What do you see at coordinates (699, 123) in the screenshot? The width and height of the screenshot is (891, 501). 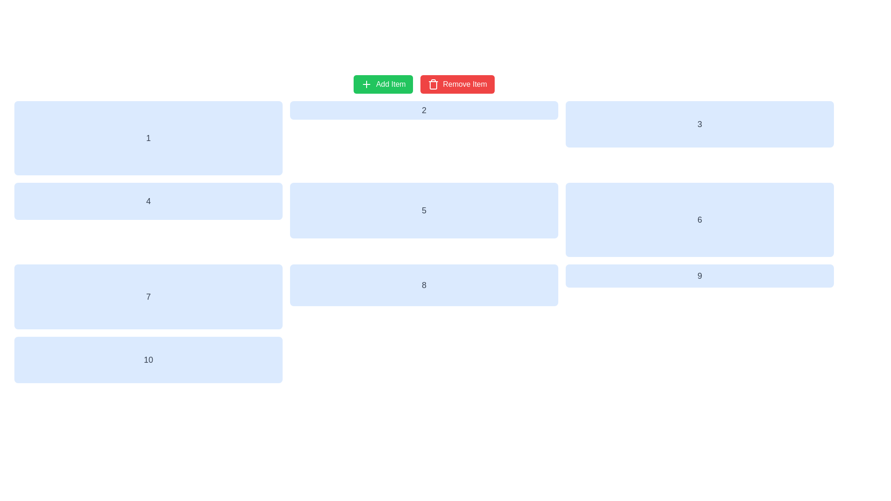 I see `the static display panel with a light blue background and the number '3' centered in gray font, which is the third item in the grid layout` at bounding box center [699, 123].